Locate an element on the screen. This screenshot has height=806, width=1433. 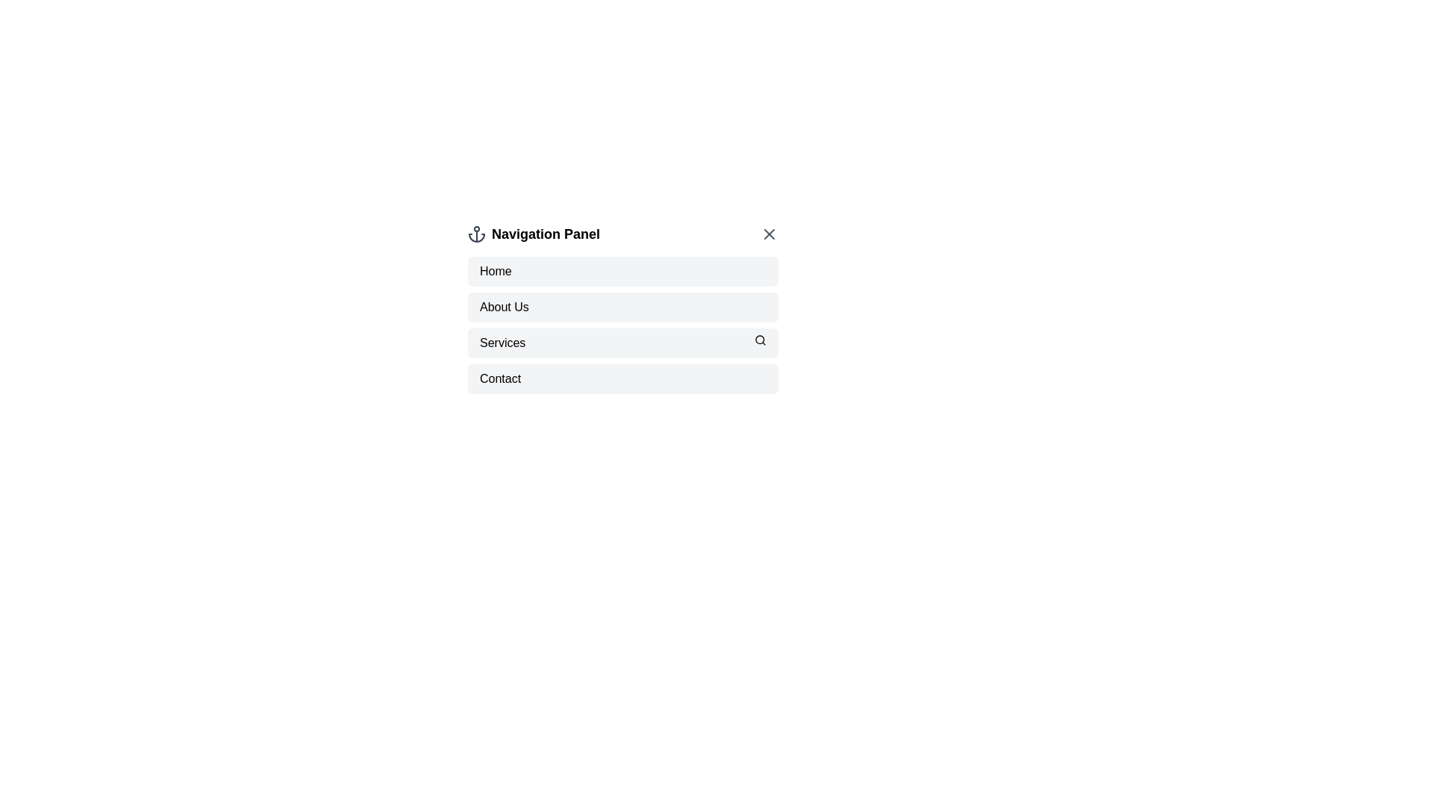
the 'Contact' button, which is the fourth button in a vertical navigation panel is located at coordinates (623, 378).